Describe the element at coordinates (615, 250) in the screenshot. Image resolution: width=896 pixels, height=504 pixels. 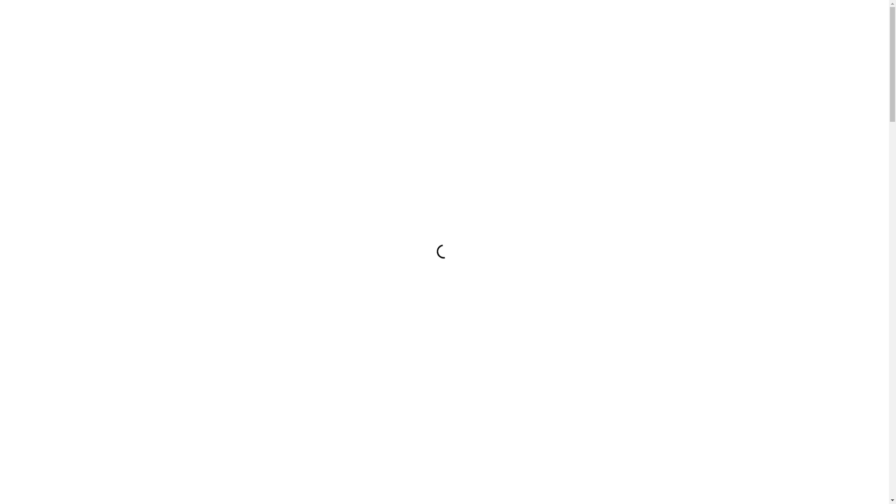
I see `'Musikalische Leitung'` at that location.